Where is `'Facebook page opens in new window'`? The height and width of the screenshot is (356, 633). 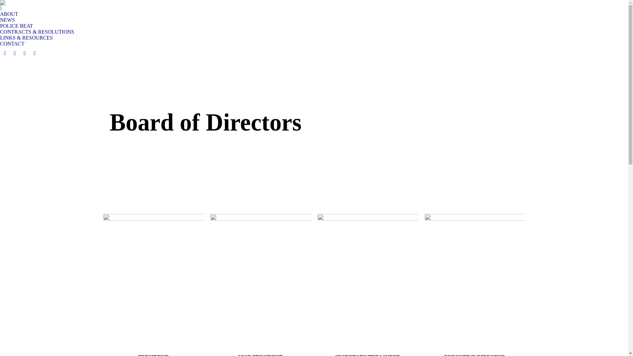 'Facebook page opens in new window' is located at coordinates (5, 53).